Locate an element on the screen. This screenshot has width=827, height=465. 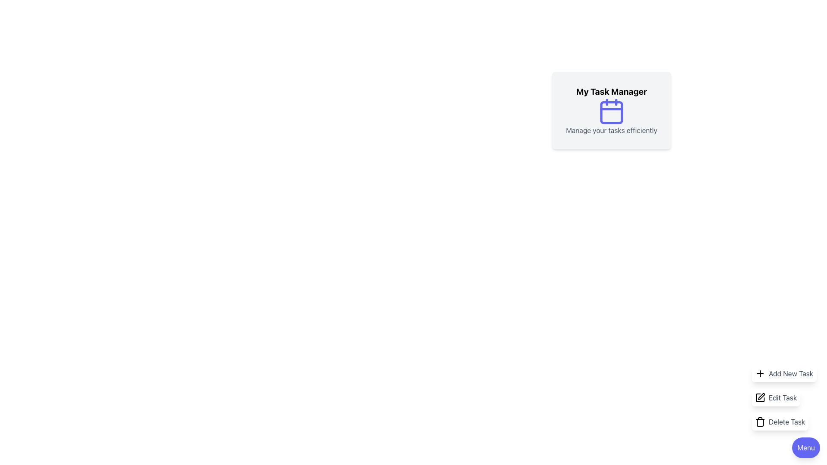
the 'Edit Task' button, which features a pen icon and is styled with a white background and rounded corners, to change its background color is located at coordinates (776, 398).